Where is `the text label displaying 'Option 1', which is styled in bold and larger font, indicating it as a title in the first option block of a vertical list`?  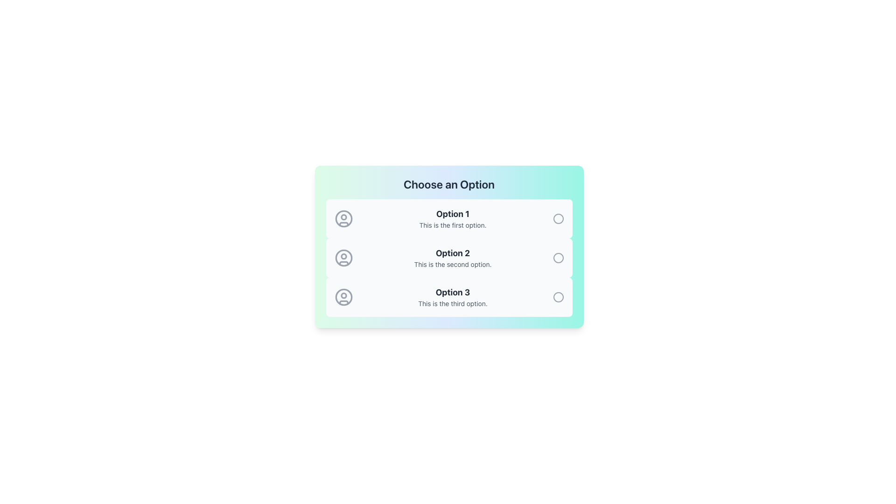 the text label displaying 'Option 1', which is styled in bold and larger font, indicating it as a title in the first option block of a vertical list is located at coordinates (453, 214).